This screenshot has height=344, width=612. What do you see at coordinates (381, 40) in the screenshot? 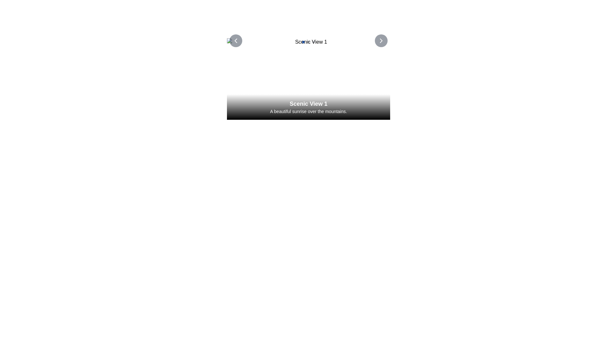
I see `the navigation button located towards the right edge of the interface` at bounding box center [381, 40].